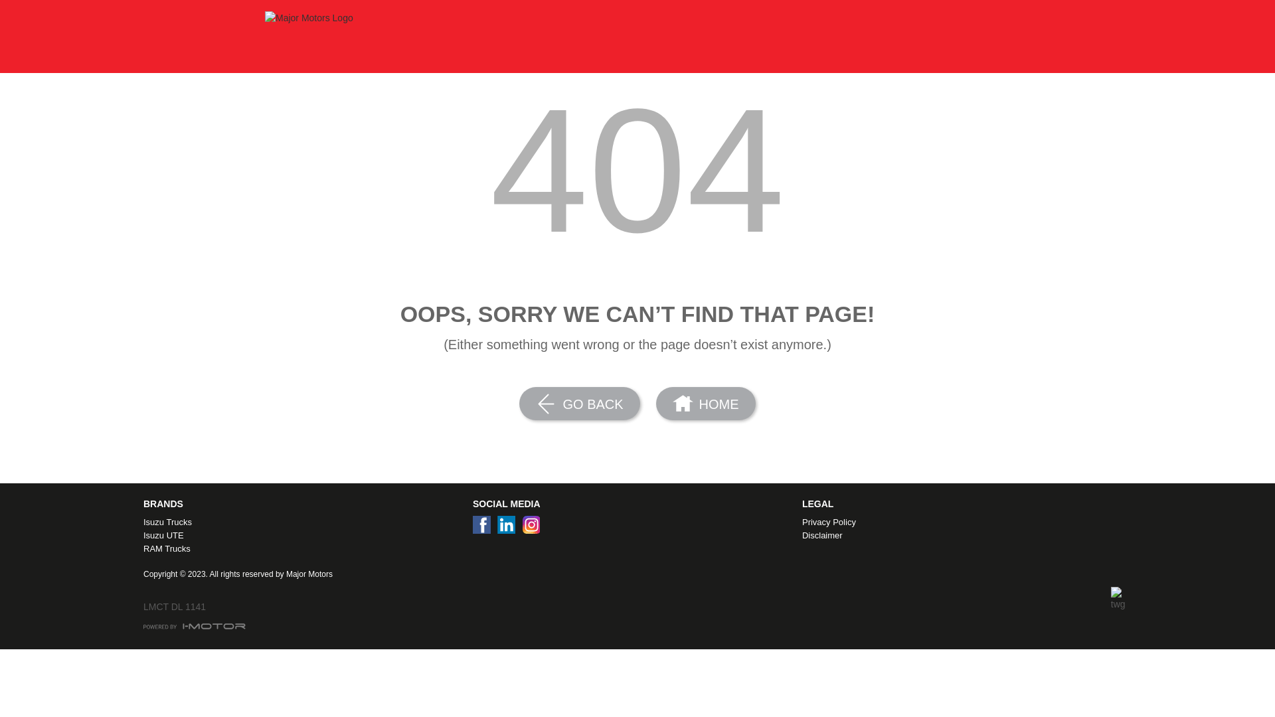 Image resolution: width=1275 pixels, height=717 pixels. I want to click on 'Isuzu Trucks', so click(143, 521).